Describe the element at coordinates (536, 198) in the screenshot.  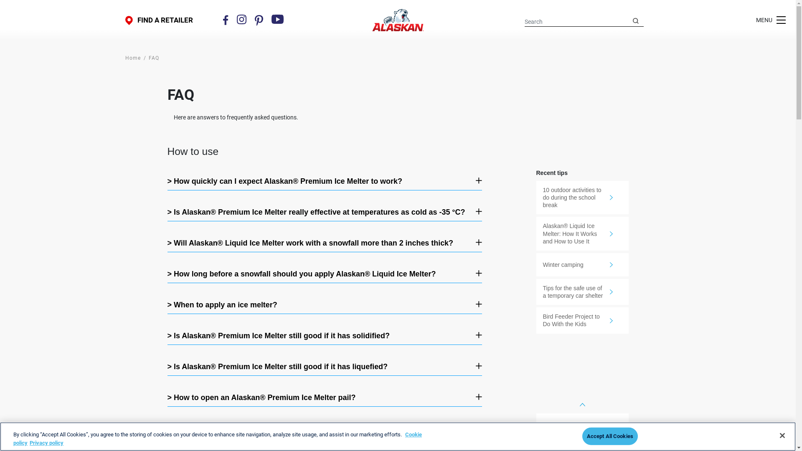
I see `'10 outdoor activities to do during the school break'` at that location.